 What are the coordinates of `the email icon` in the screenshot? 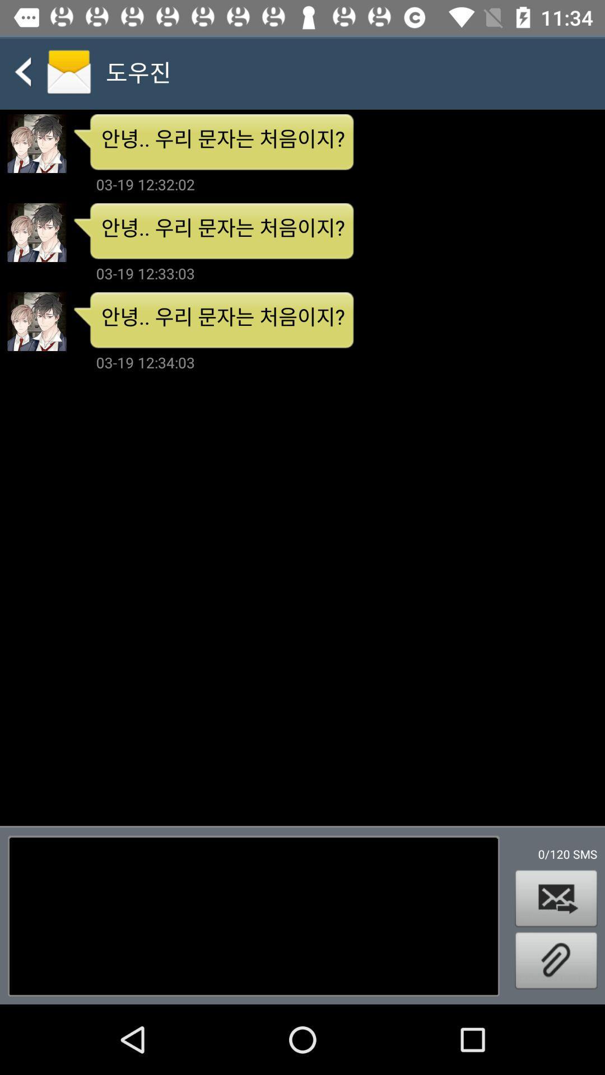 It's located at (556, 898).